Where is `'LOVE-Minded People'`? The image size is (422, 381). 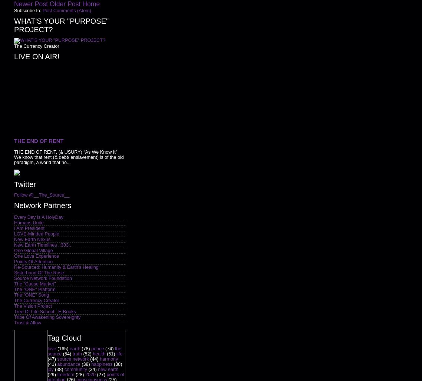
'LOVE-Minded People' is located at coordinates (36, 233).